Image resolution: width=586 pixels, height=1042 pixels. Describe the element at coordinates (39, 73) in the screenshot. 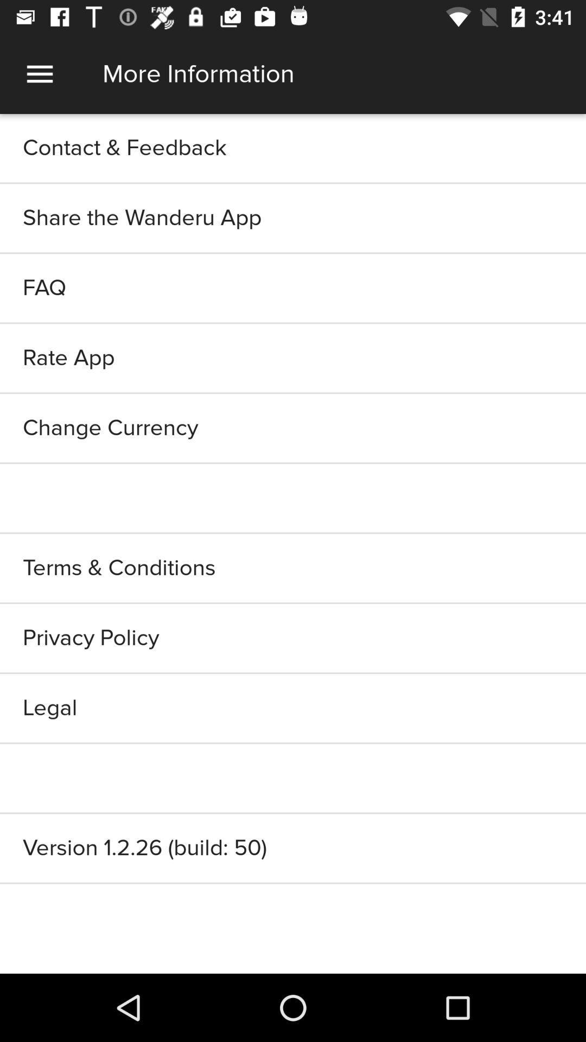

I see `the item to the left of the more information item` at that location.